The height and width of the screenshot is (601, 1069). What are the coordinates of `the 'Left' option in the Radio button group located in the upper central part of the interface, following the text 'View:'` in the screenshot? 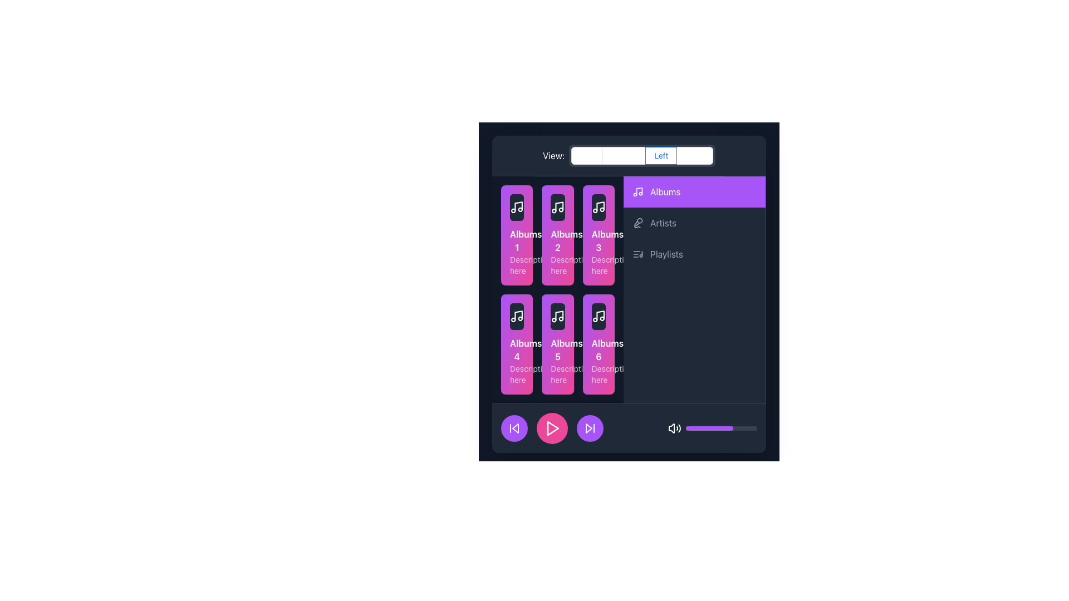 It's located at (642, 156).